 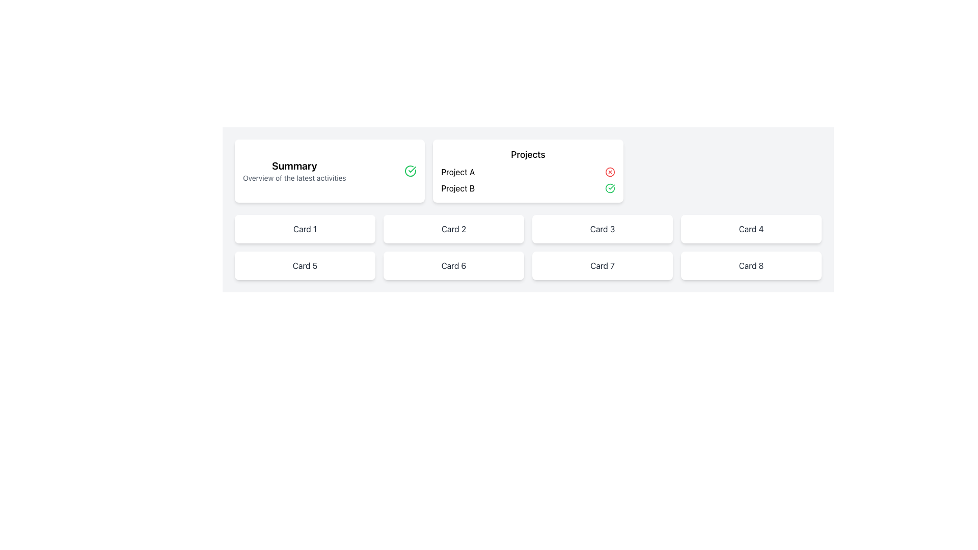 What do you see at coordinates (602, 265) in the screenshot?
I see `text 'Card 7' displayed in a bold, dark gray font on a white background, centrally aligned within the seventh card of a grid layout` at bounding box center [602, 265].